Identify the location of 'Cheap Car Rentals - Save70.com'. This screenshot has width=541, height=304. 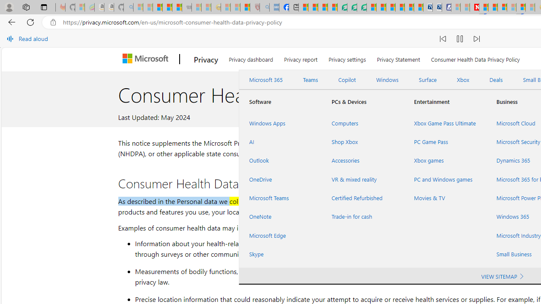
(428, 7).